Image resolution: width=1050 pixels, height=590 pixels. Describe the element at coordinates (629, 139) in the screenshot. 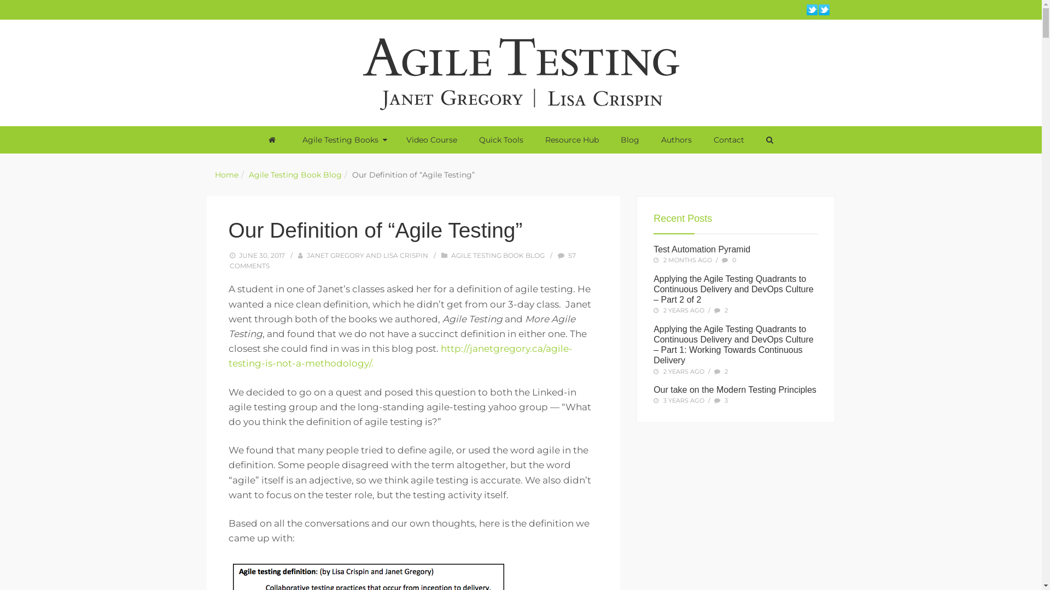

I see `'Blog'` at that location.